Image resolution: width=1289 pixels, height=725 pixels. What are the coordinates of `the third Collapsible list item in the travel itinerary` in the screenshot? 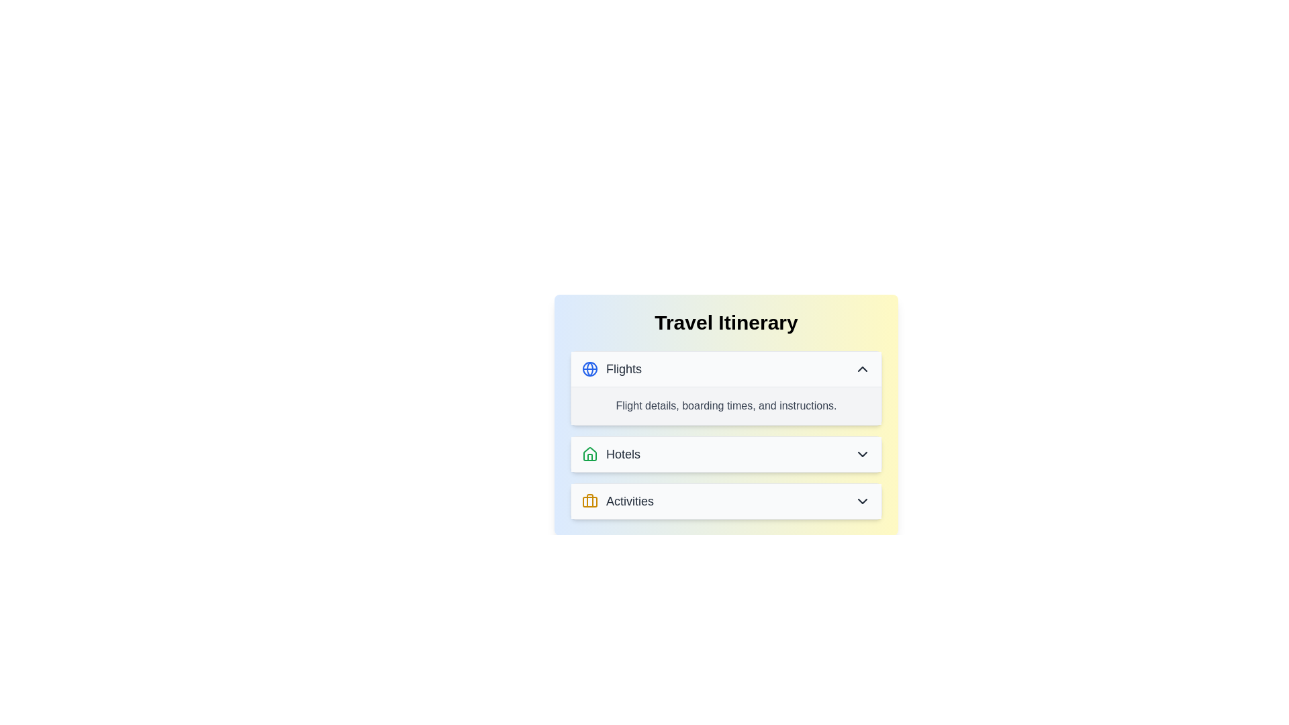 It's located at (725, 501).